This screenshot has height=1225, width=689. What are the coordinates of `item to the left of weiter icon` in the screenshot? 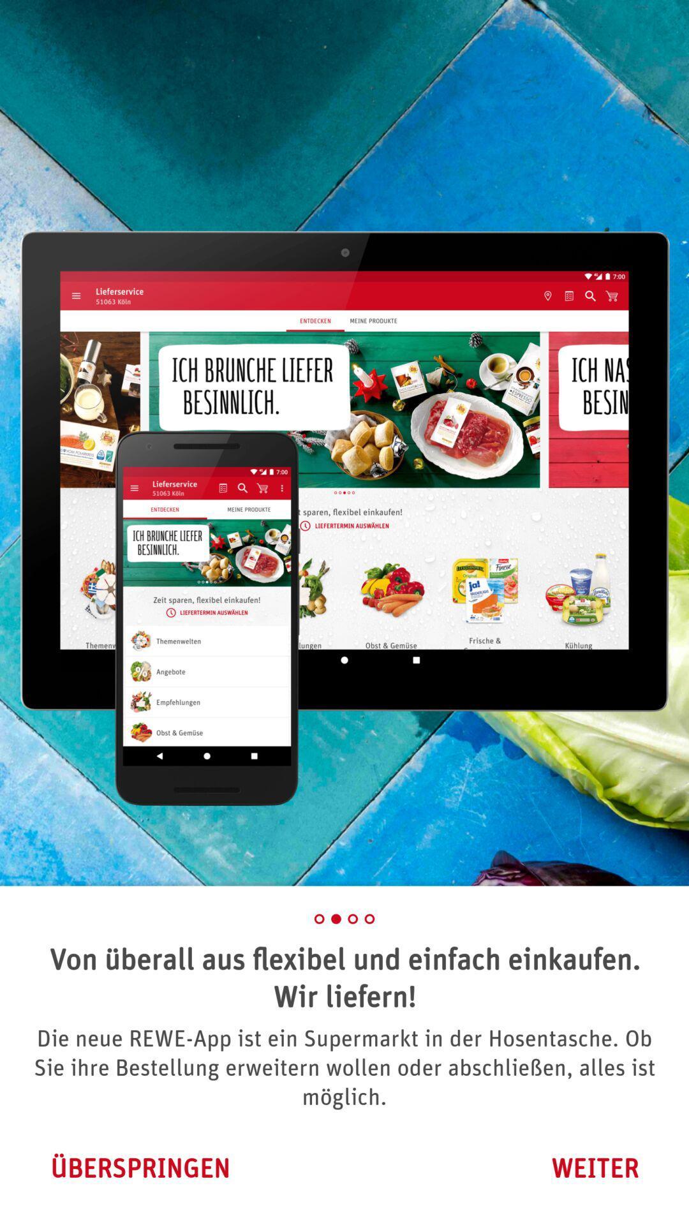 It's located at (140, 1168).